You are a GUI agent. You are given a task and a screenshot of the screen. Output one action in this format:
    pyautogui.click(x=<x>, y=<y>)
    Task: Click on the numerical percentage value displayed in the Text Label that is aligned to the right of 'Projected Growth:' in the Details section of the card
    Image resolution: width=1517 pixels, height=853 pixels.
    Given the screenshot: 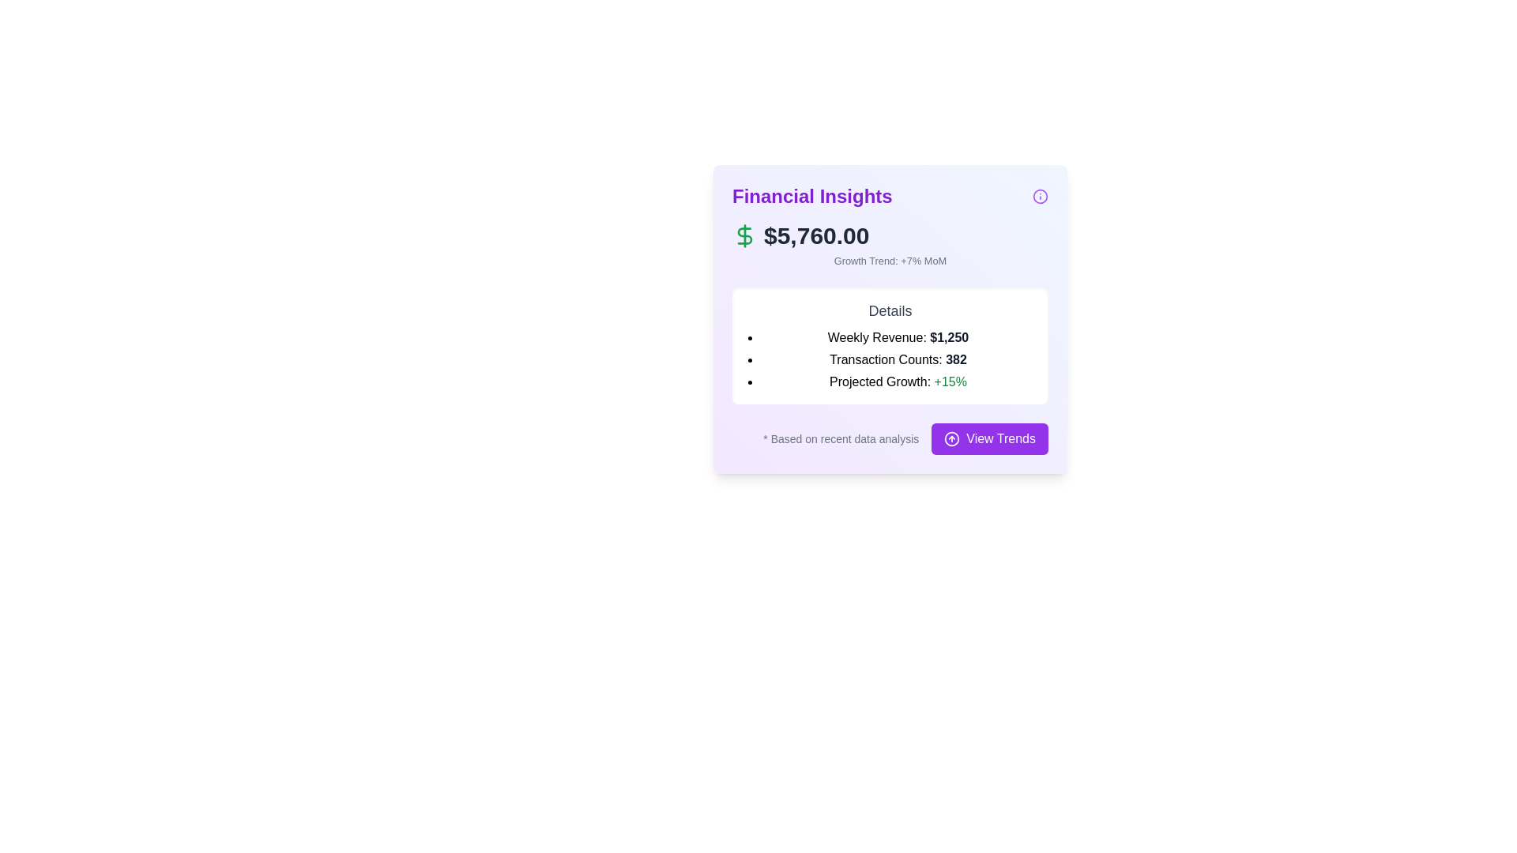 What is the action you would take?
    pyautogui.click(x=950, y=381)
    